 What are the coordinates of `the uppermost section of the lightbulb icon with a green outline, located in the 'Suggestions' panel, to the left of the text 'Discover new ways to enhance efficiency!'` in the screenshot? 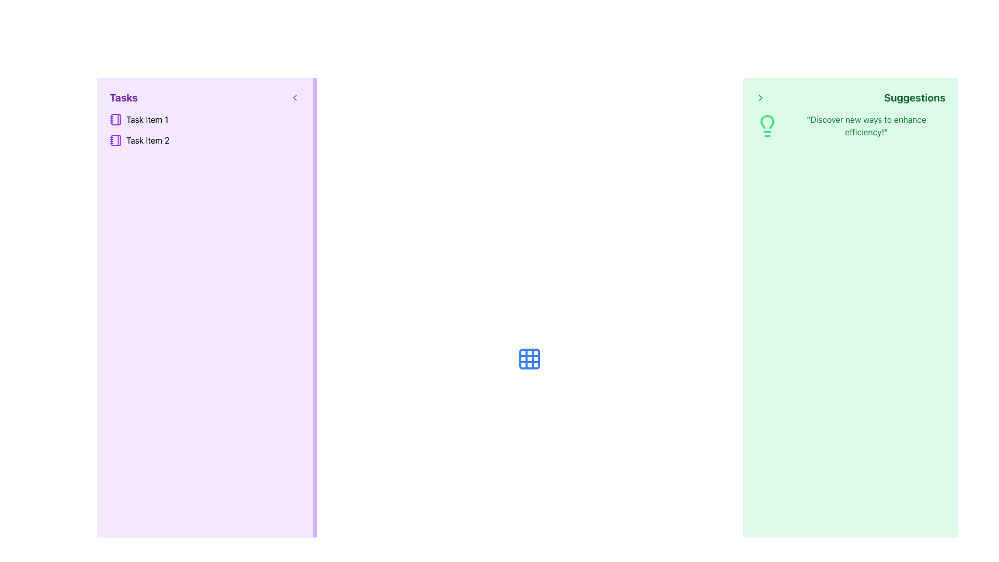 It's located at (767, 121).